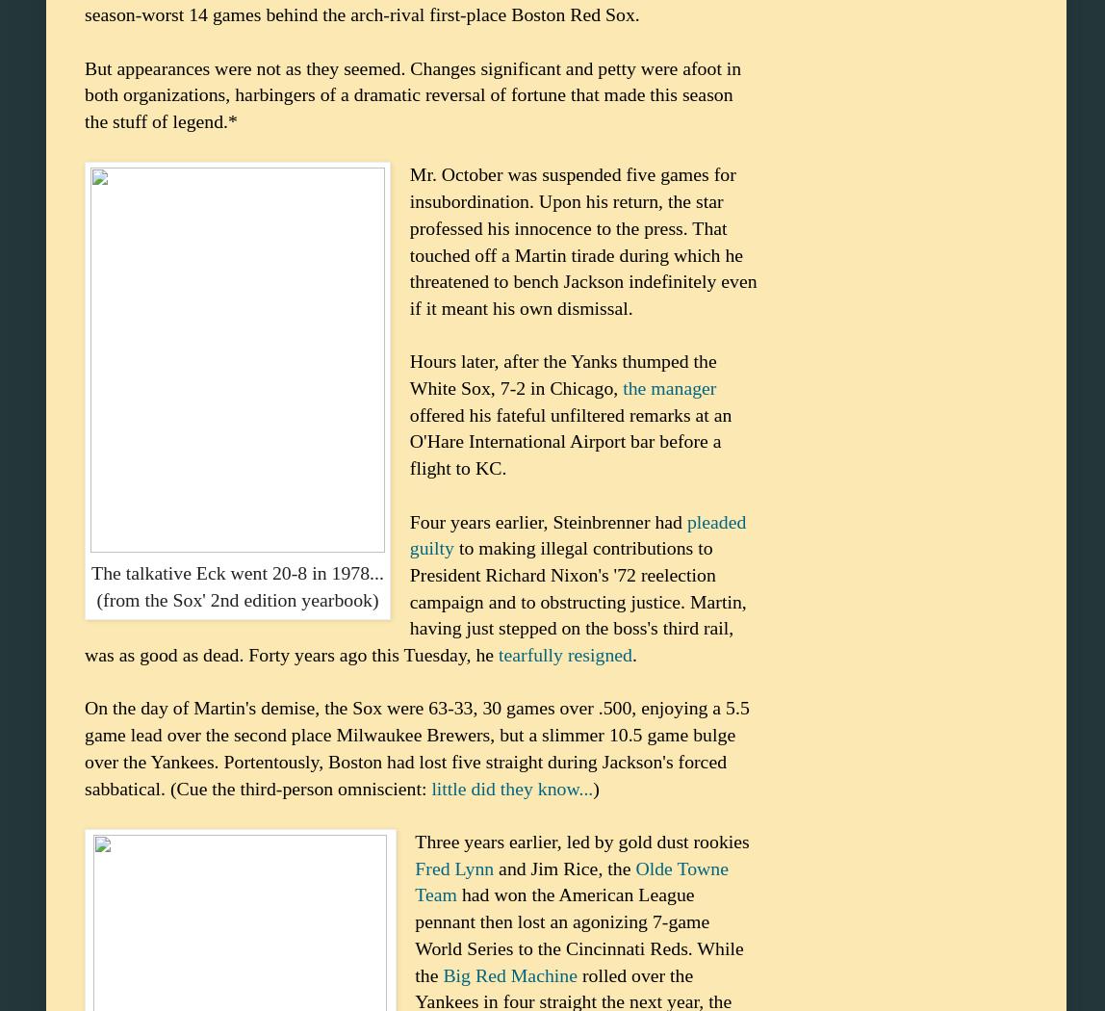 The height and width of the screenshot is (1011, 1105). What do you see at coordinates (237, 572) in the screenshot?
I see `'The talkative Eck went 20-8 in 1978...'` at bounding box center [237, 572].